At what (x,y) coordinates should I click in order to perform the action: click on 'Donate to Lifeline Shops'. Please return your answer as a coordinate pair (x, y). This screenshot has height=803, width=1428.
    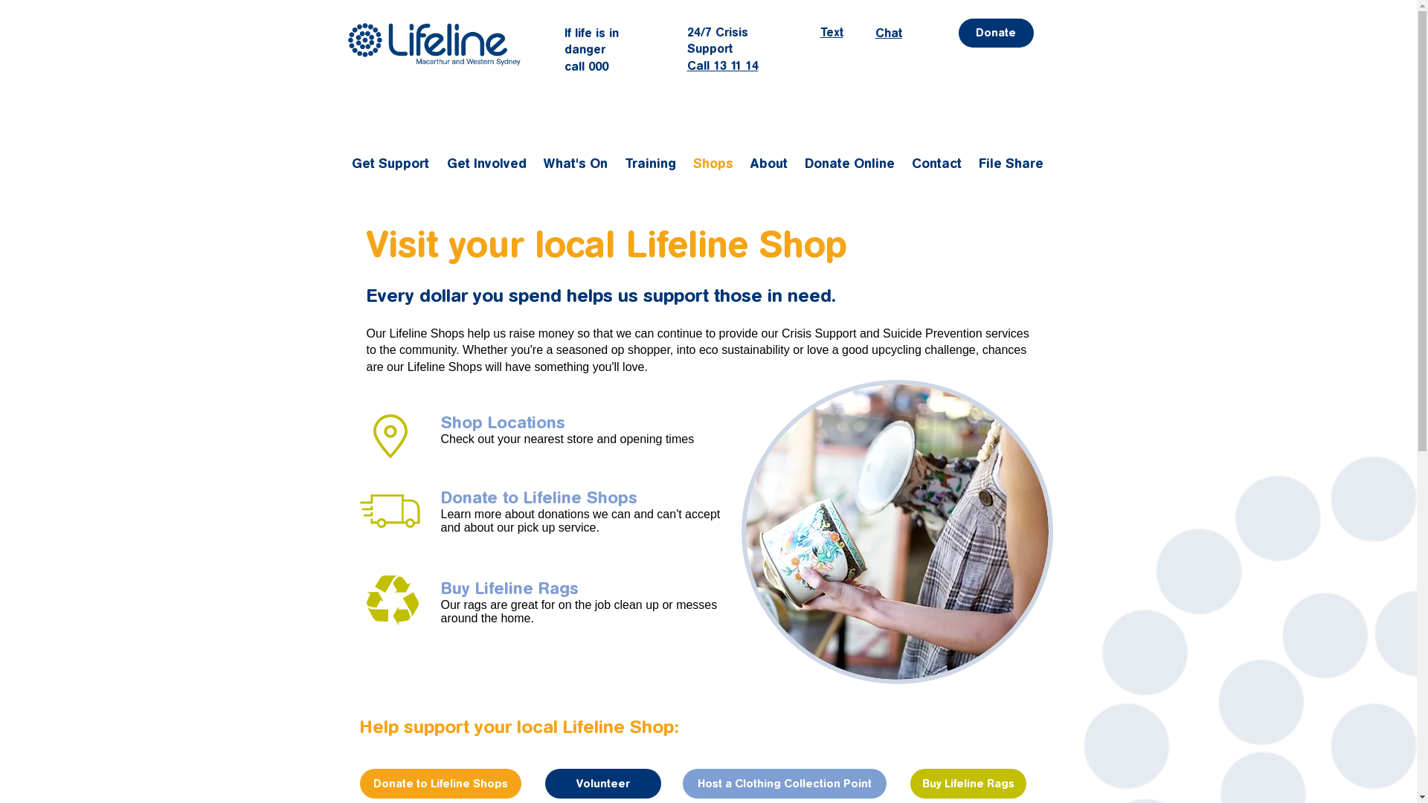
    Looking at the image, I should click on (439, 497).